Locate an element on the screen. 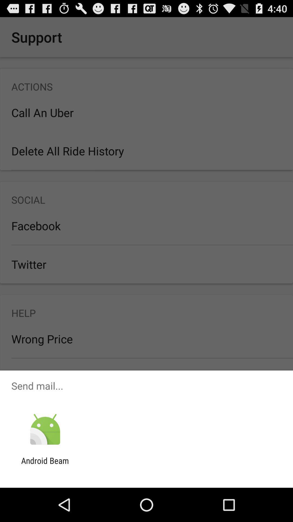 This screenshot has width=293, height=522. app above android beam icon is located at coordinates (45, 429).